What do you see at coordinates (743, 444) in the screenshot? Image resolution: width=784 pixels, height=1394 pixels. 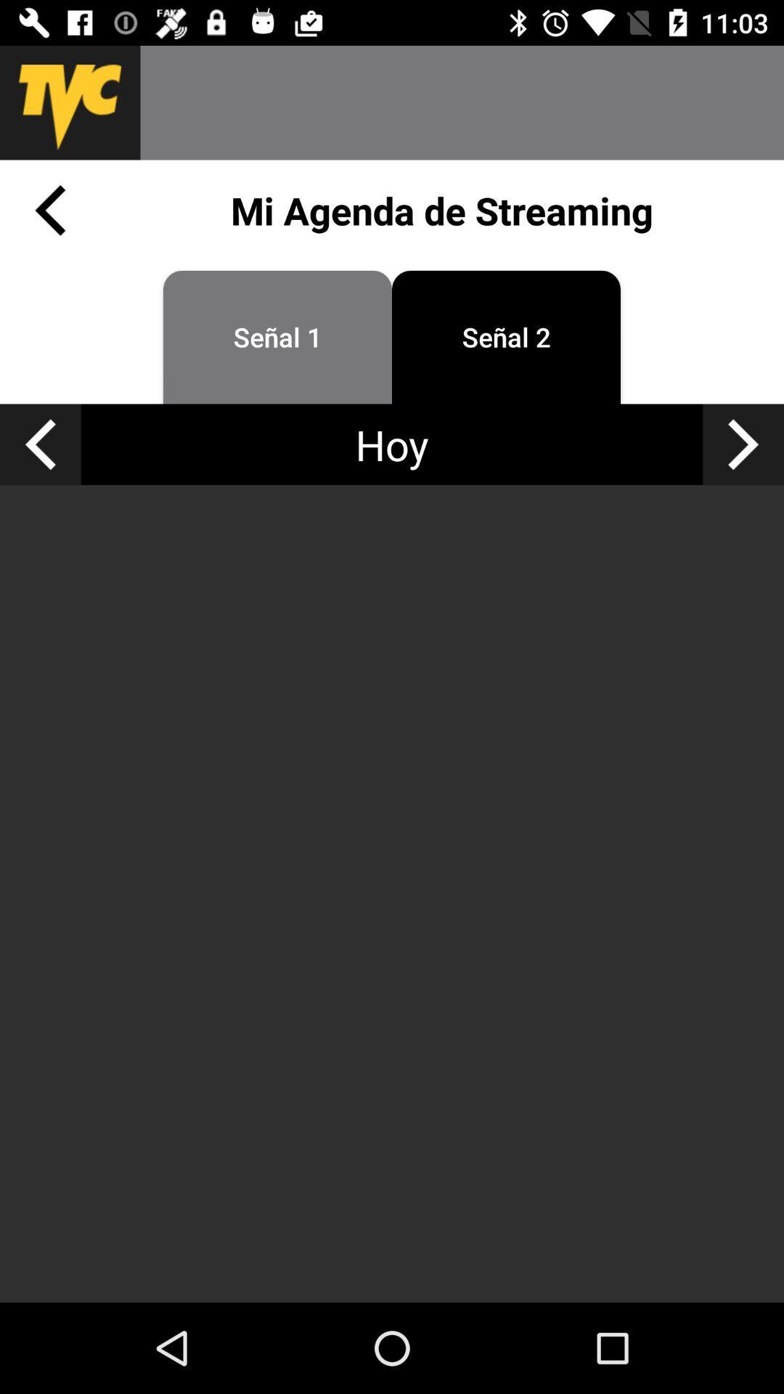 I see `the arrow_forward icon` at bounding box center [743, 444].